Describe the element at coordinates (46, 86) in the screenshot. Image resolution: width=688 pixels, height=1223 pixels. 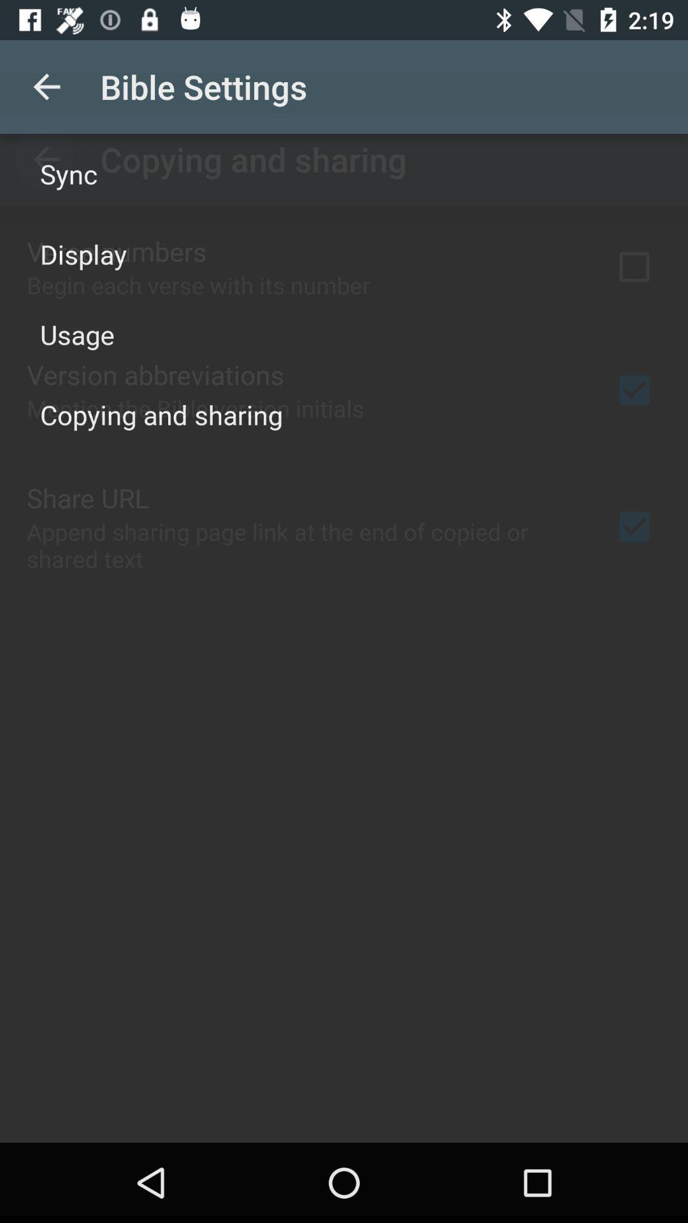
I see `icon above the sync` at that location.